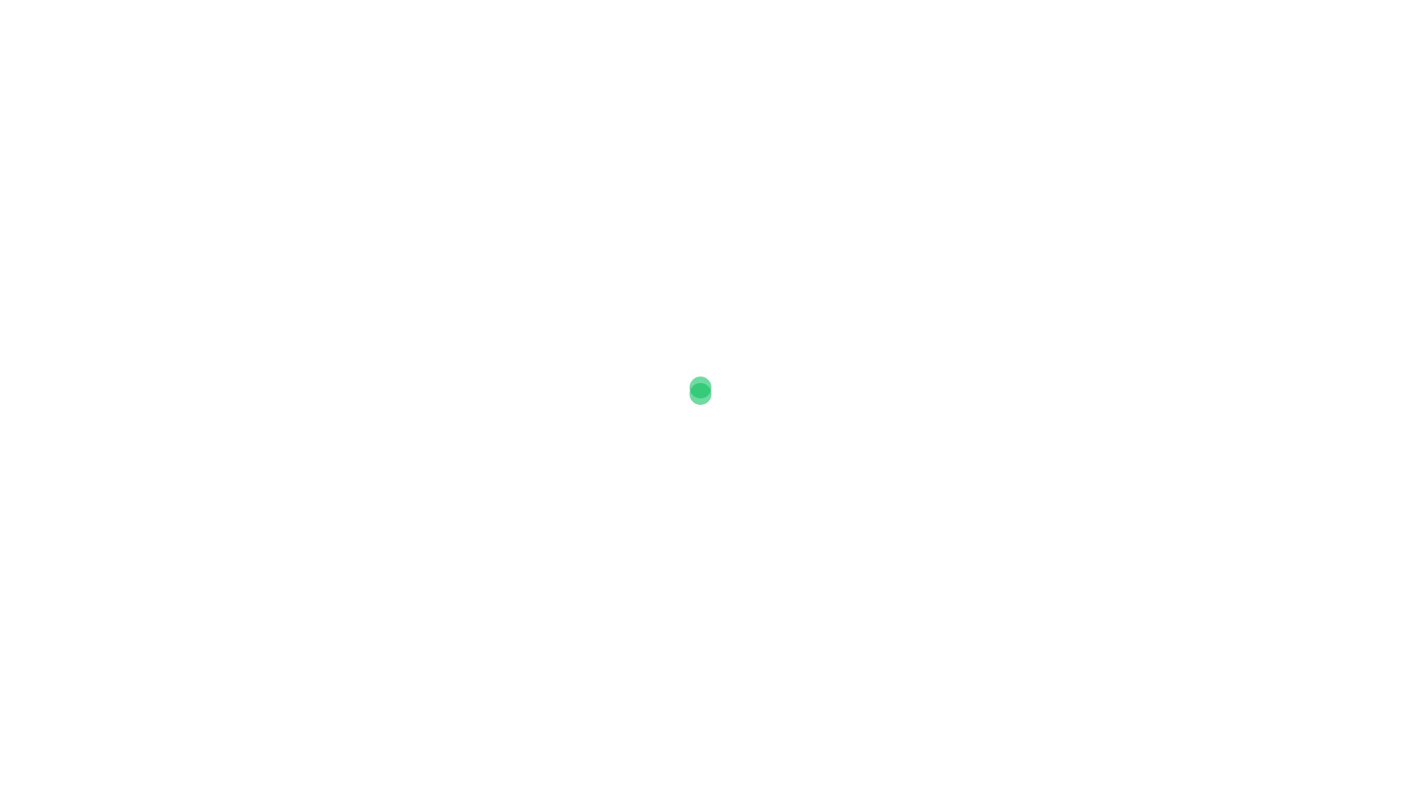 The width and height of the screenshot is (1401, 788). What do you see at coordinates (1054, 26) in the screenshot?
I see `'Wat is jouw idee?'` at bounding box center [1054, 26].